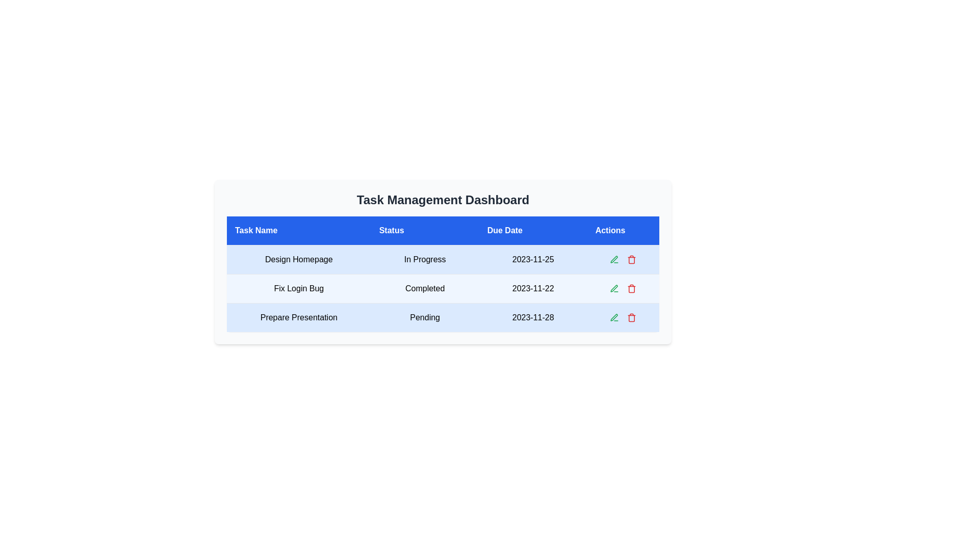 The width and height of the screenshot is (979, 550). I want to click on the text label displaying the task name 'Fix Login Bug', located in the second row of the table under the 'Task Name' column, so click(298, 289).